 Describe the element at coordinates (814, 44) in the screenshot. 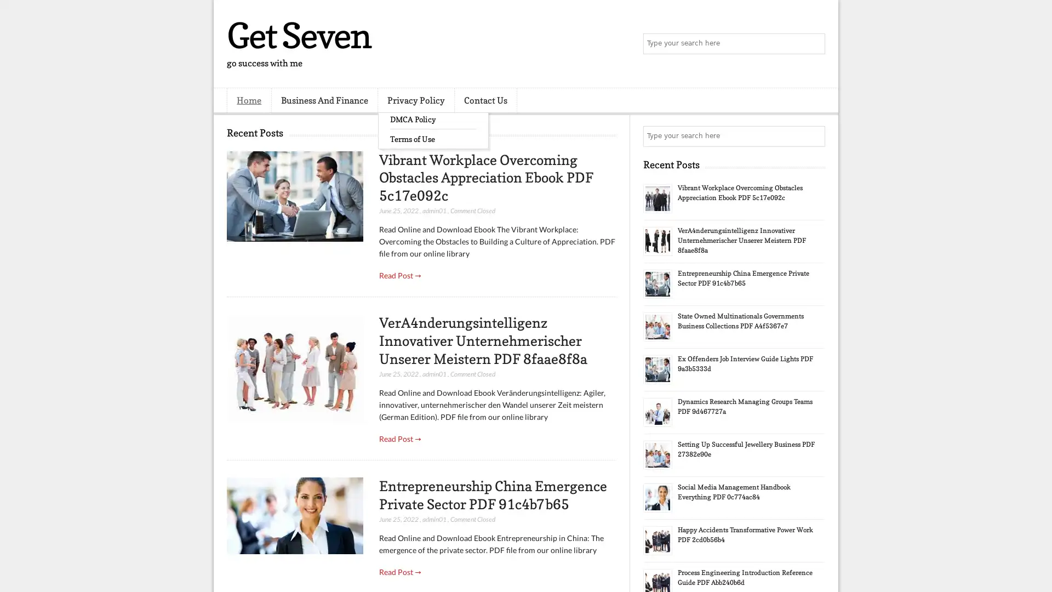

I see `Search` at that location.